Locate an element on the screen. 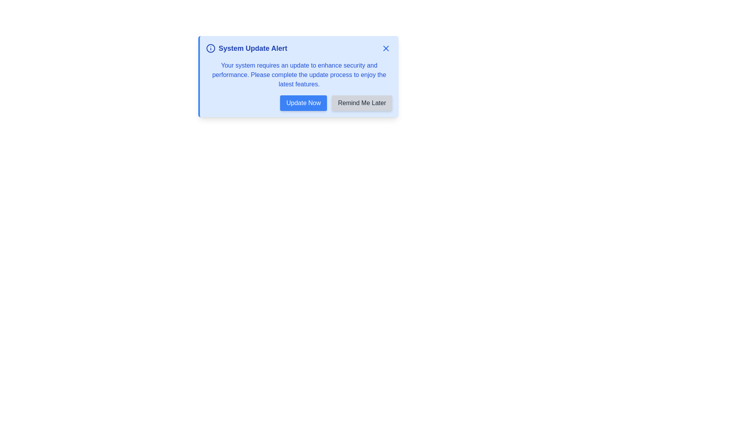  the circular information icon located to the left of the 'System Update Alert' text, which is inside a light blue rectangular box is located at coordinates (210, 48).